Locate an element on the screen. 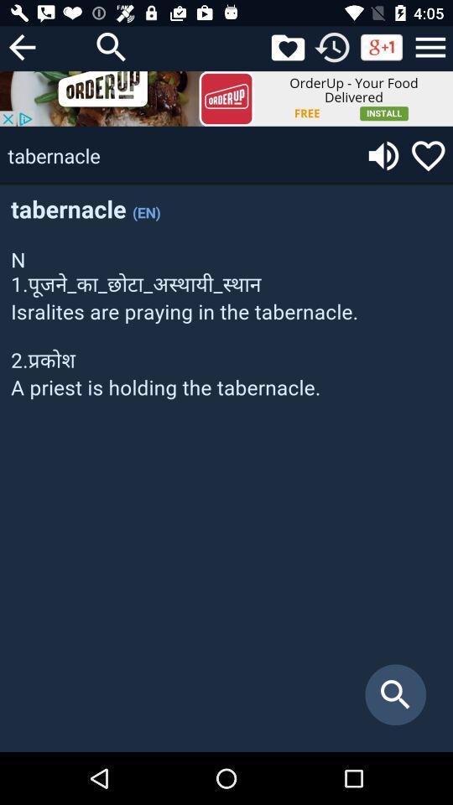 The height and width of the screenshot is (805, 453). the volume icon is located at coordinates (383, 155).